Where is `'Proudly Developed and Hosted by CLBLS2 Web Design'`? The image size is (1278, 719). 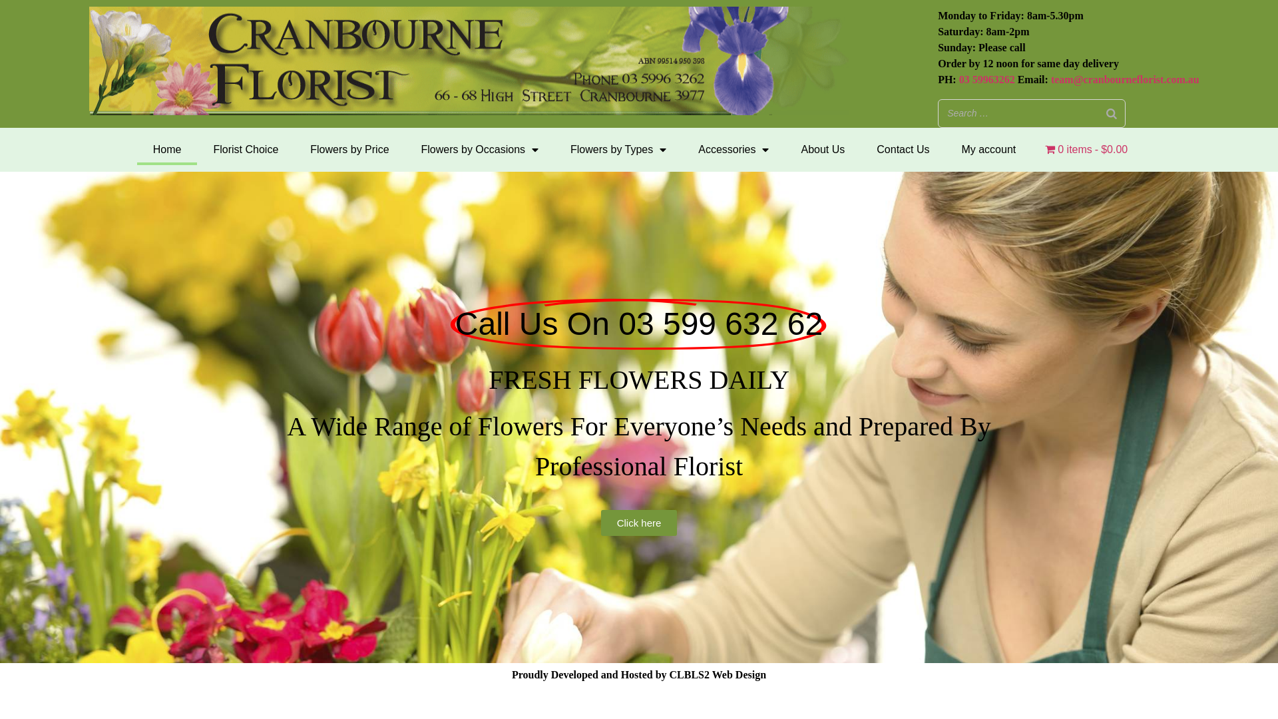 'Proudly Developed and Hosted by CLBLS2 Web Design' is located at coordinates (639, 674).